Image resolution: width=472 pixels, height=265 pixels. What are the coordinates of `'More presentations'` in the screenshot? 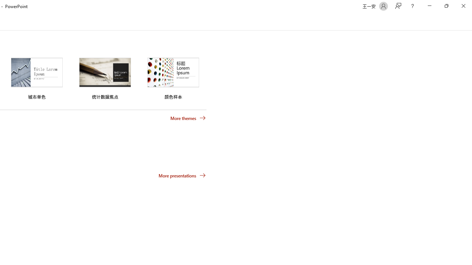 It's located at (182, 176).